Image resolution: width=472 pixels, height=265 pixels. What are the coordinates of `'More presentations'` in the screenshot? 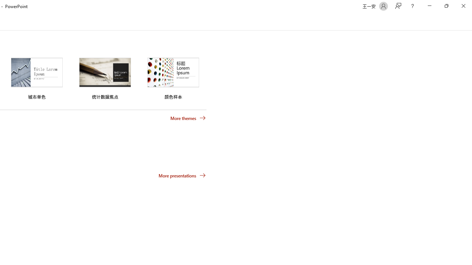 It's located at (182, 176).